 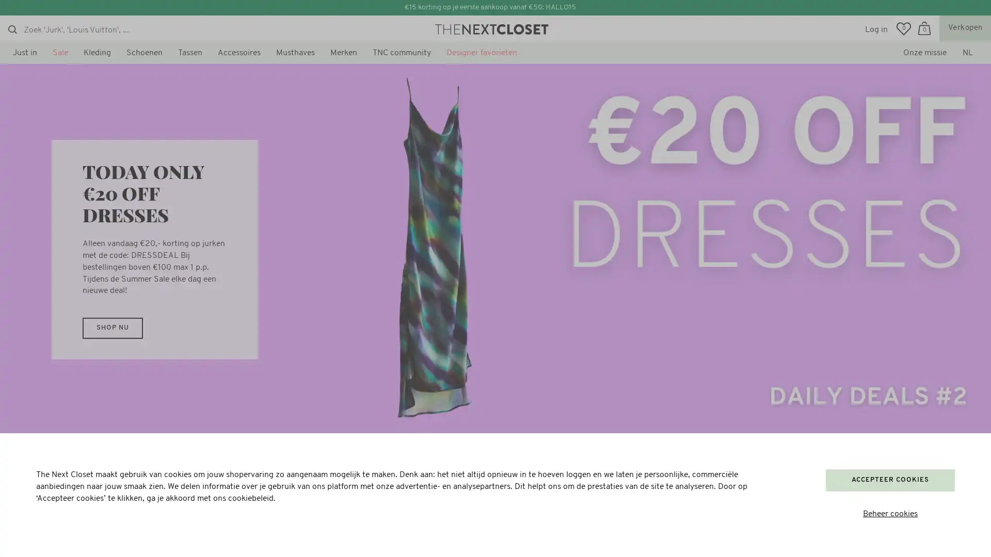 What do you see at coordinates (889, 514) in the screenshot?
I see `Beheer cookies` at bounding box center [889, 514].